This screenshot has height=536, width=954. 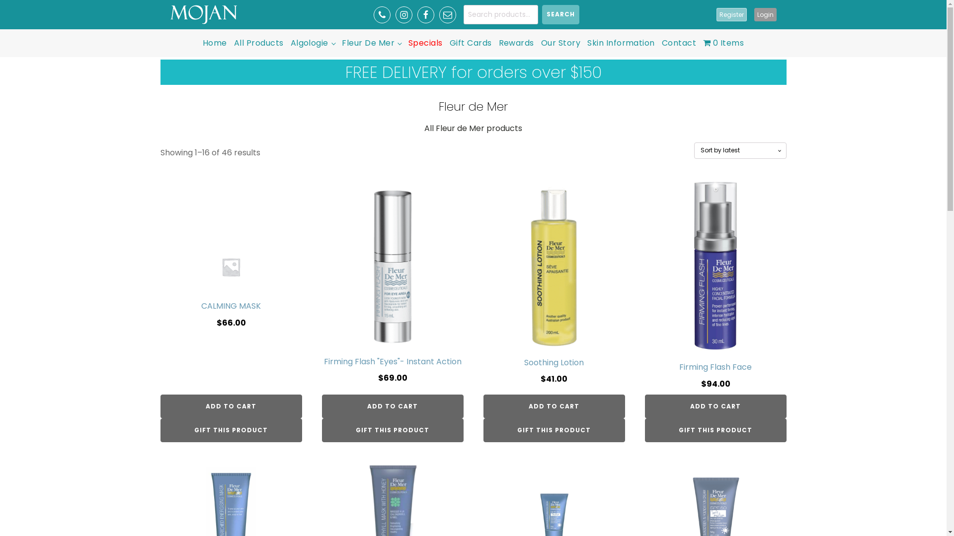 I want to click on 'CALMING MASK, so click(x=230, y=287).